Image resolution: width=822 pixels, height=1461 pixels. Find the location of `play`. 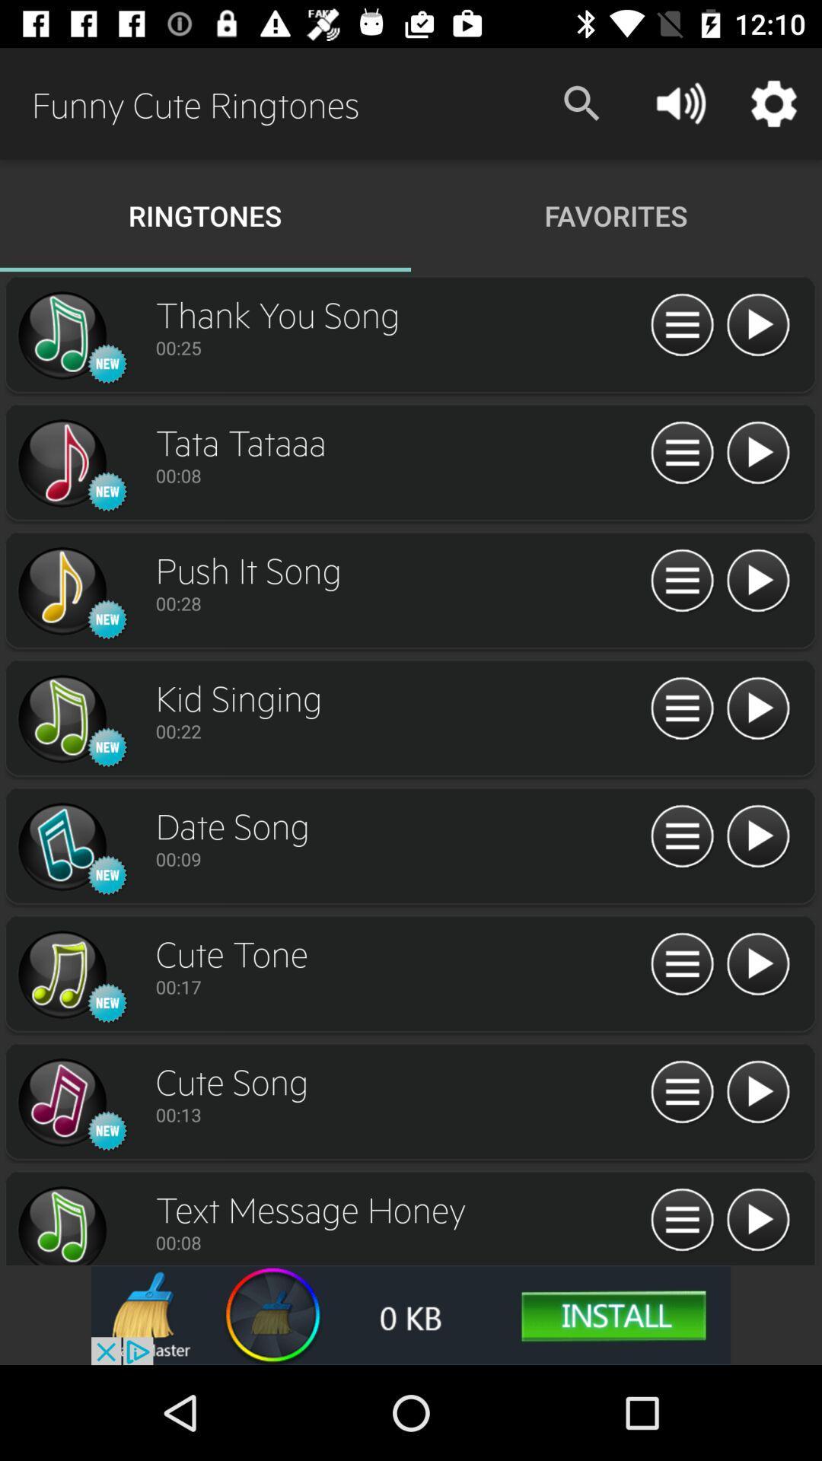

play is located at coordinates (757, 581).